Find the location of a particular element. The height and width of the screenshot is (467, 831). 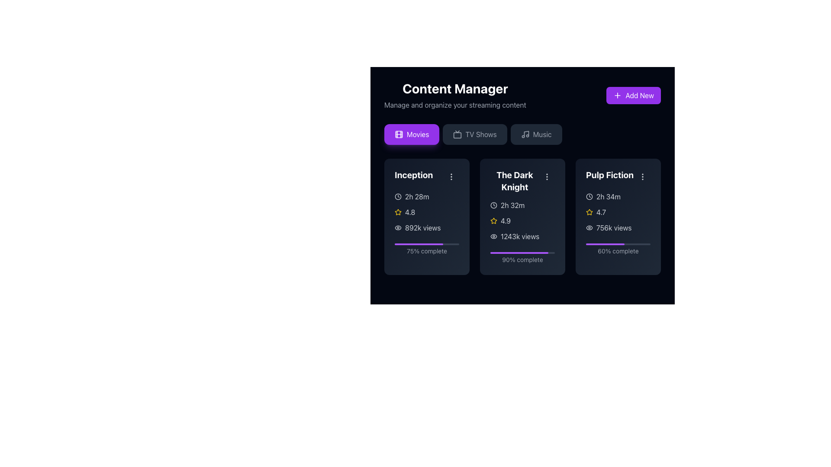

the view count text label for the movie 'Pulp Fiction', which is located in the third column of the grid structure in the 'Movies' section, directly below the star rating and an eye icon is located at coordinates (613, 227).